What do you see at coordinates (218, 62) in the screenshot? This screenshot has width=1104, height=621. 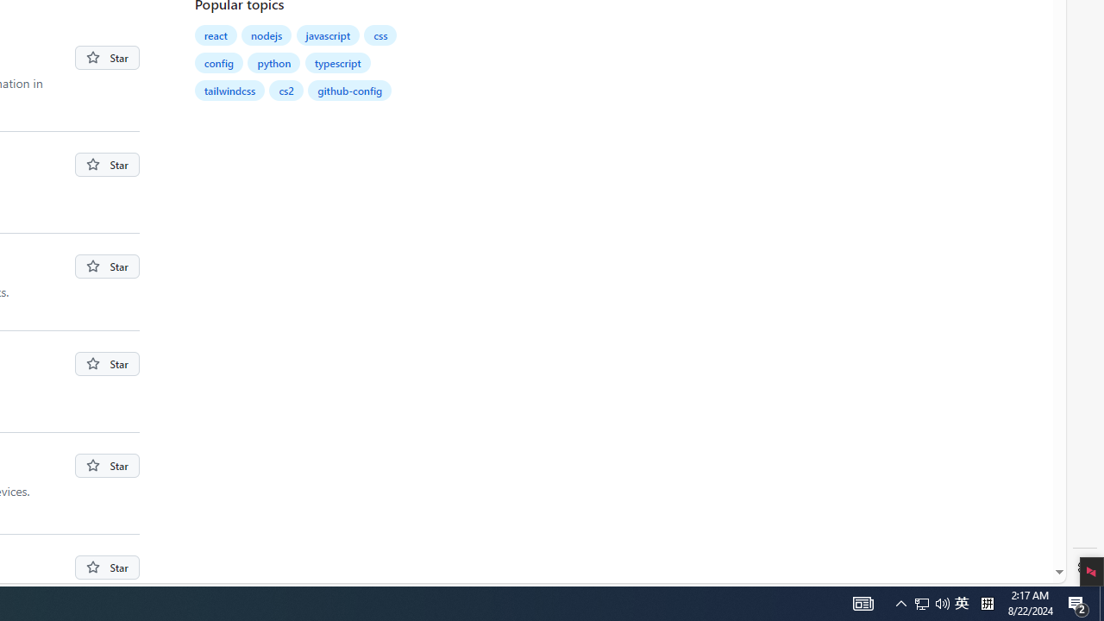 I see `'config'` at bounding box center [218, 62].